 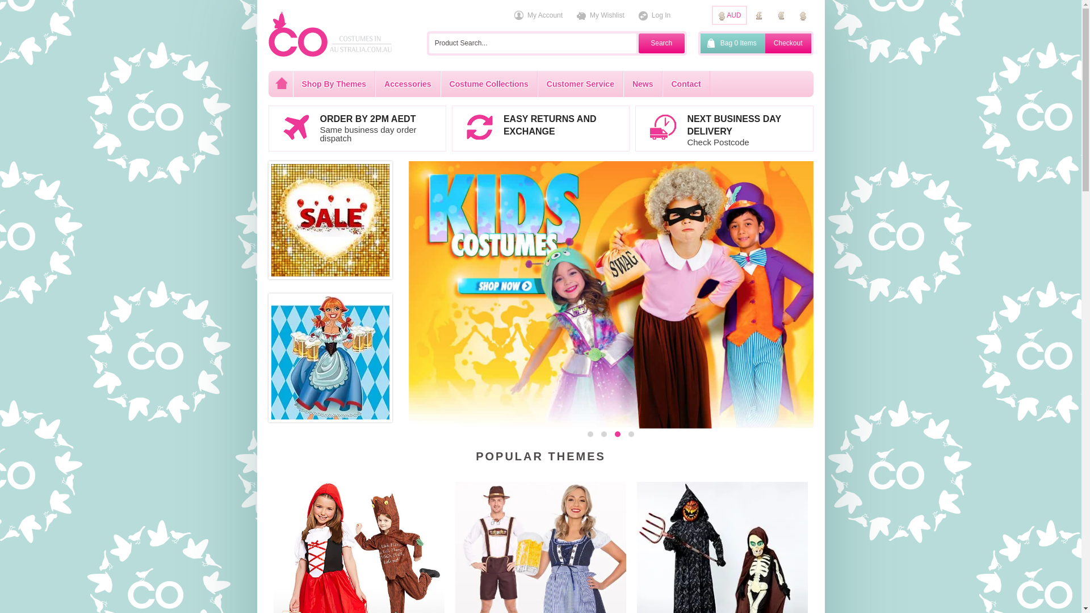 What do you see at coordinates (781, 15) in the screenshot?
I see `'Euro - EUR'` at bounding box center [781, 15].